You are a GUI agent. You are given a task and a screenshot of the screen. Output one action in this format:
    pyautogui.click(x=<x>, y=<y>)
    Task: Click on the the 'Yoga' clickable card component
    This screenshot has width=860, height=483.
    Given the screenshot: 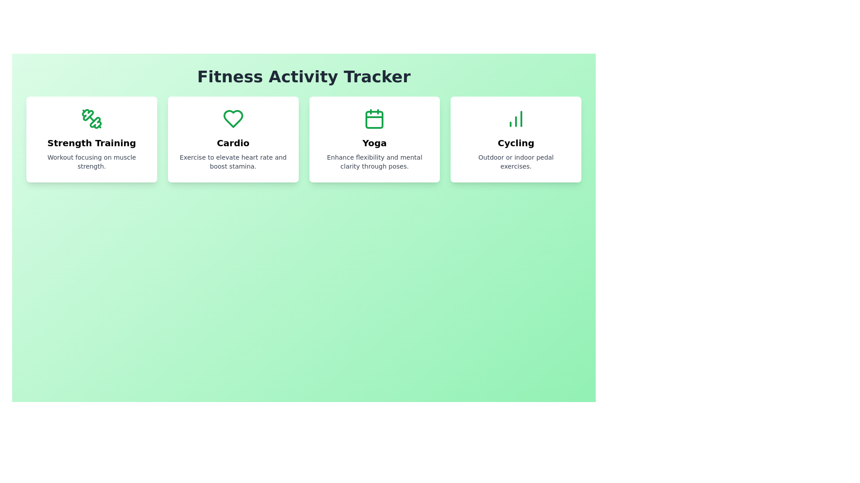 What is the action you would take?
    pyautogui.click(x=374, y=140)
    